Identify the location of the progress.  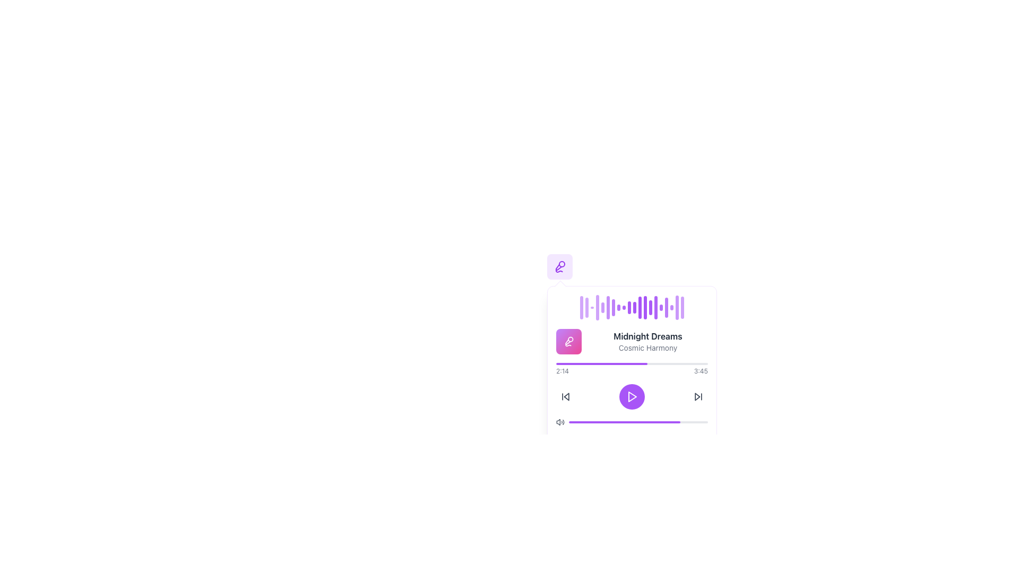
(670, 421).